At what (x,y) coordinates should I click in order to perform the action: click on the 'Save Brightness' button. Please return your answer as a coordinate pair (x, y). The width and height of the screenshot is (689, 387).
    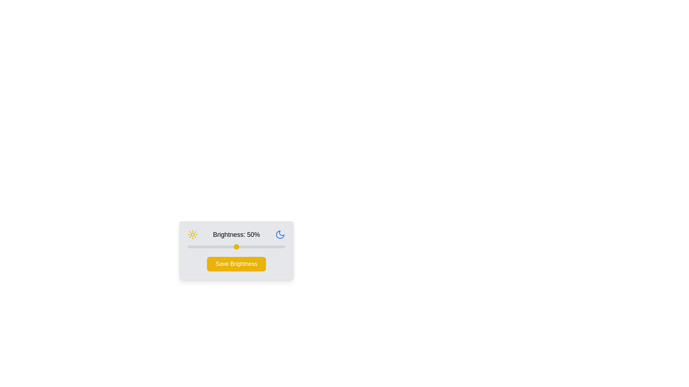
    Looking at the image, I should click on (236, 264).